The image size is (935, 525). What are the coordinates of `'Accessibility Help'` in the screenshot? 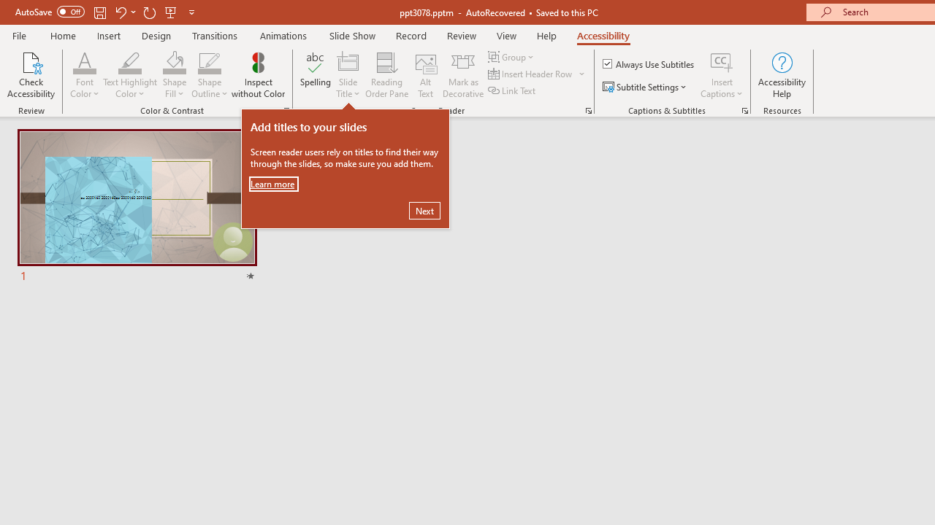 It's located at (781, 75).